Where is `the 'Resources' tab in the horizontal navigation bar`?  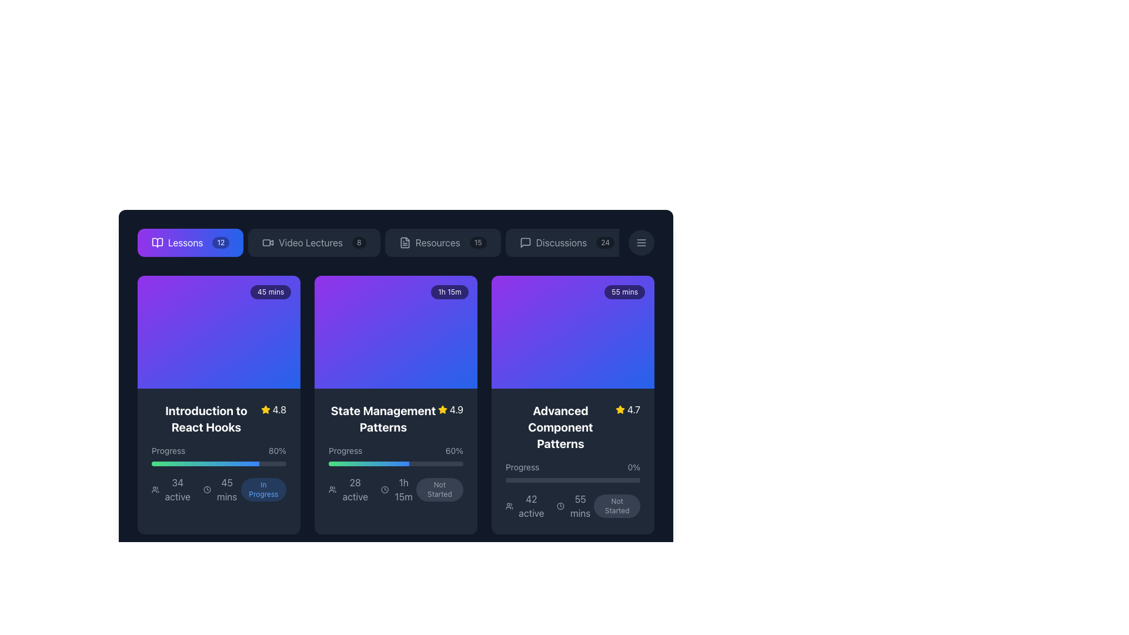 the 'Resources' tab in the horizontal navigation bar is located at coordinates (396, 242).